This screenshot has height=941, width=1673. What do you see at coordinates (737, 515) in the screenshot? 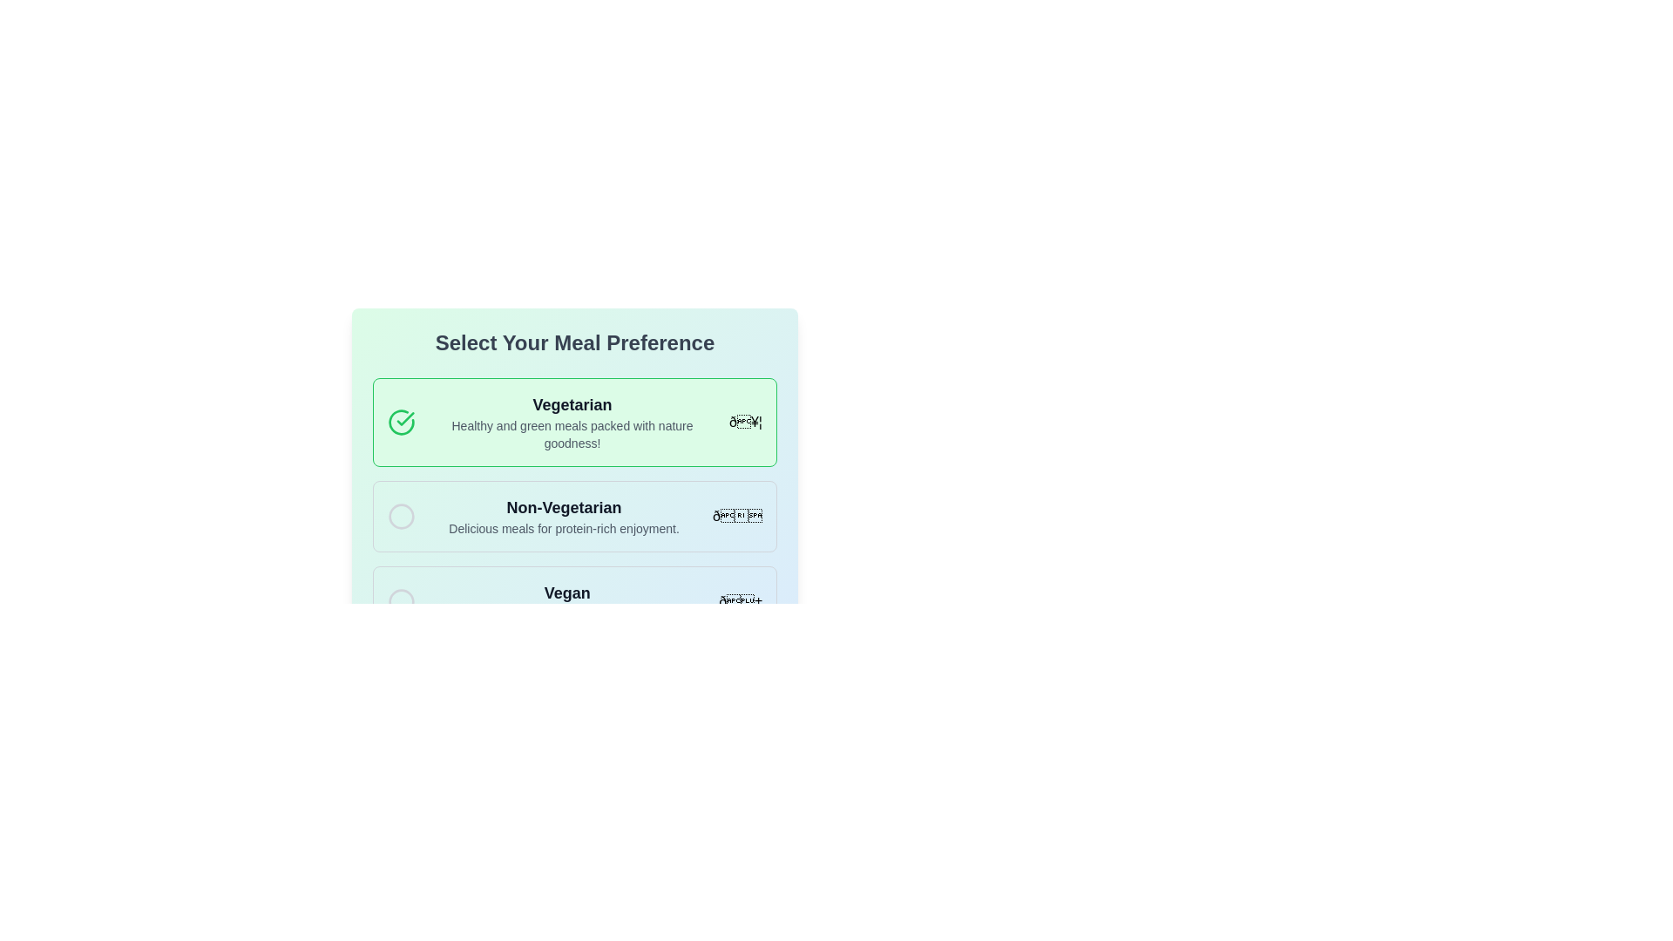
I see `the text label featuring the emoji '🍖' located under the 'Non-Vegetarian' section in the meal preference selection interface` at bounding box center [737, 515].